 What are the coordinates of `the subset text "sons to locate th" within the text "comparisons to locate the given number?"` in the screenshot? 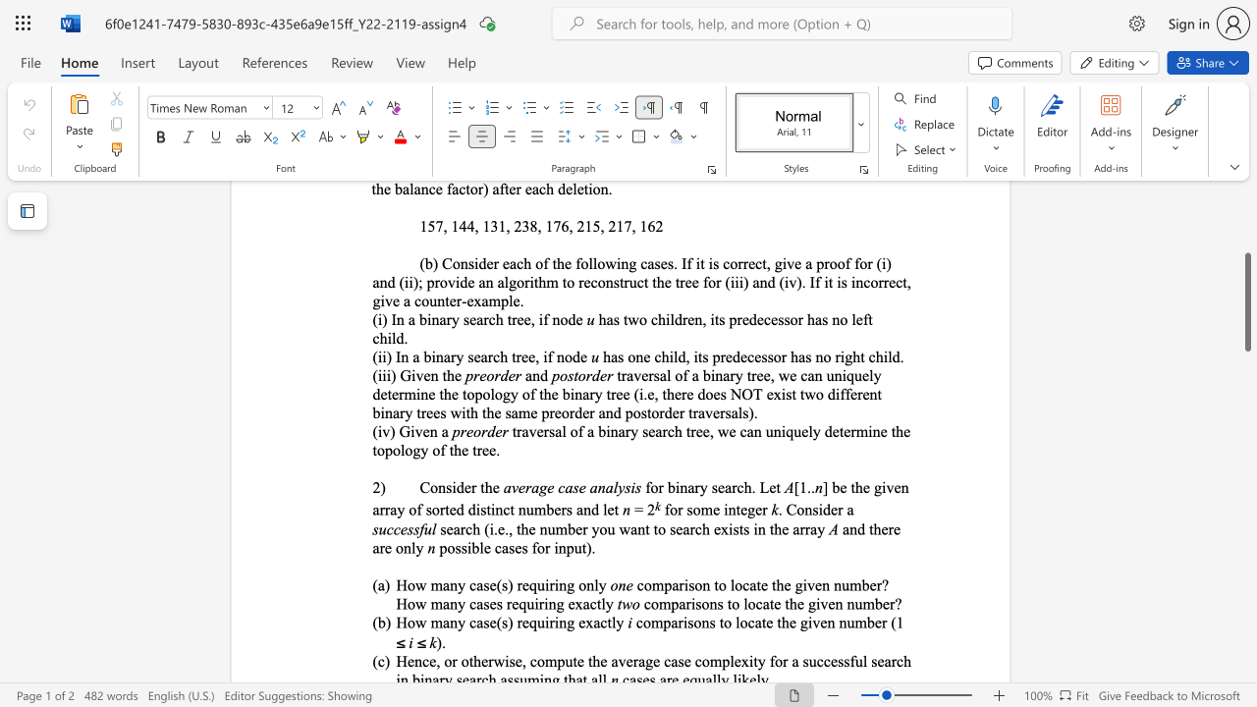 It's located at (695, 603).